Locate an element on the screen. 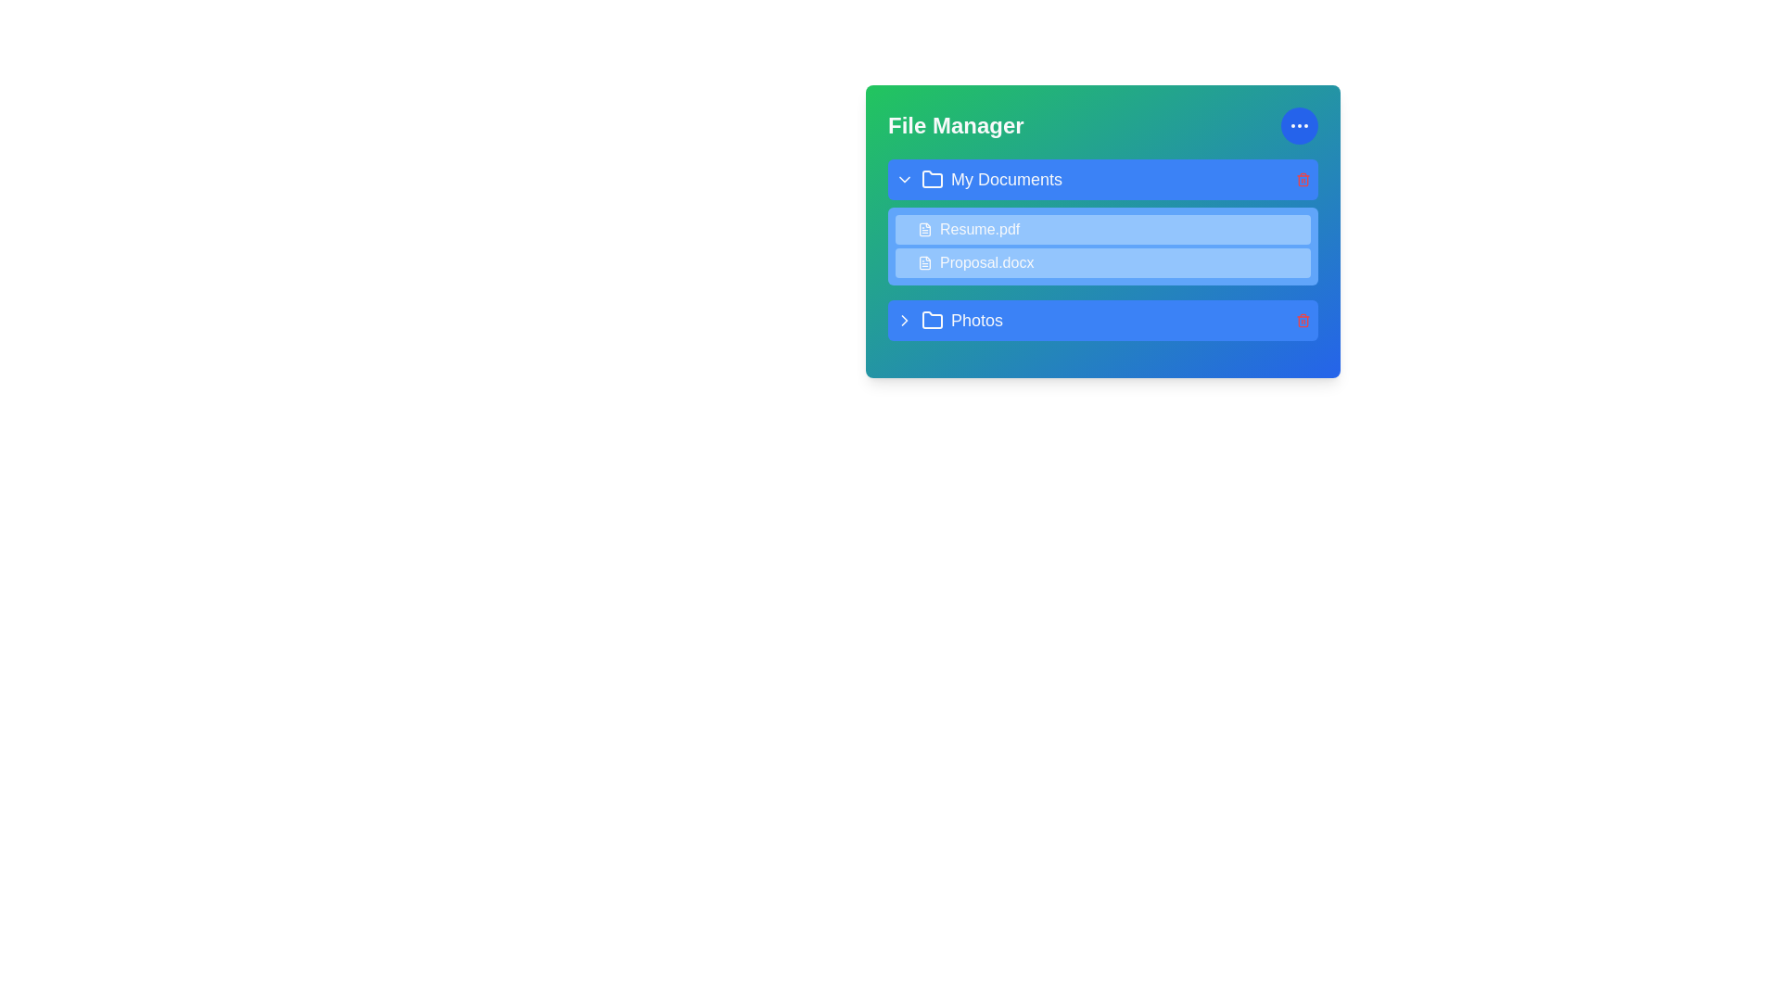  the 'Photos' folder item in the file manager list is located at coordinates (948, 320).